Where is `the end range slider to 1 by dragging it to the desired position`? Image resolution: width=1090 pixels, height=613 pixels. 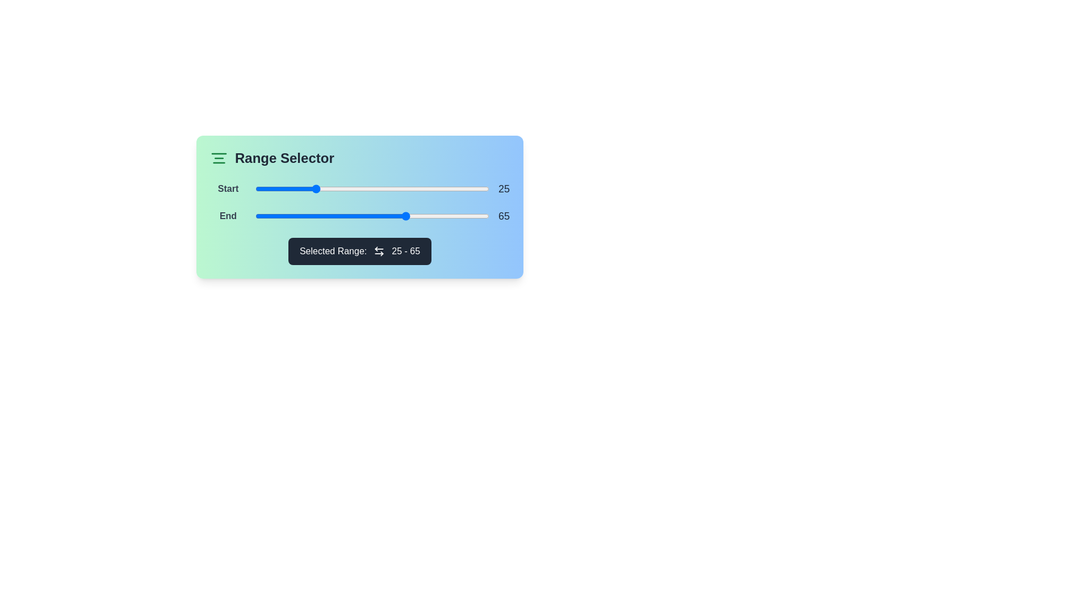 the end range slider to 1 by dragging it to the desired position is located at coordinates (257, 216).